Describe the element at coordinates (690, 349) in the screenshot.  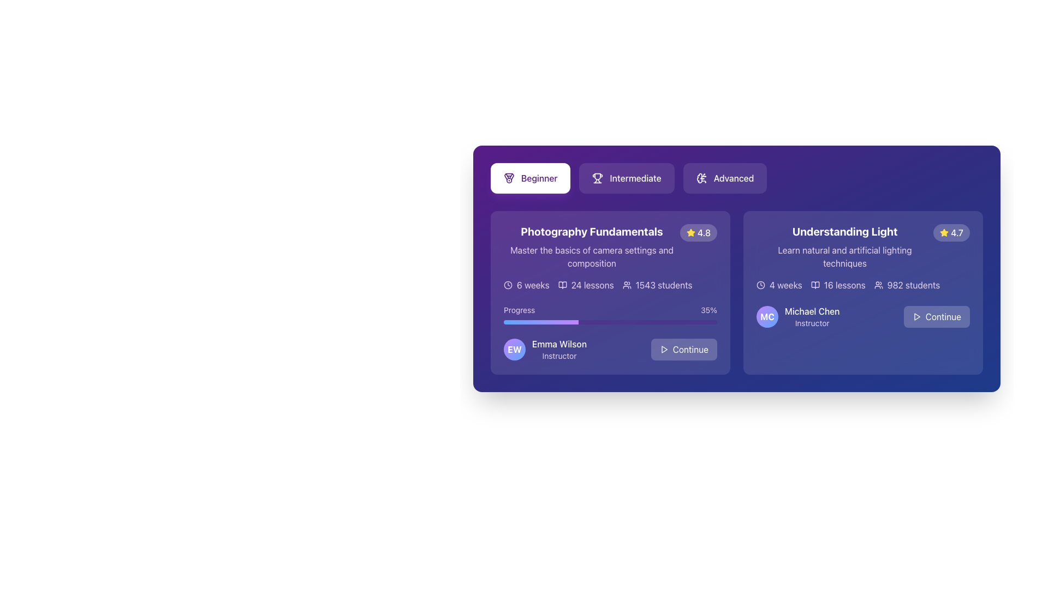
I see `the 'Continue' text label within the button that has a play icon, located in the bottom-right section of the 'Photography Fundamentals' card` at that location.